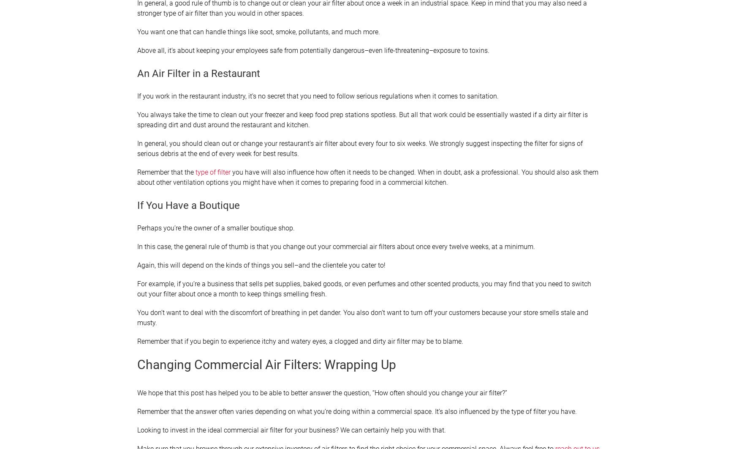  Describe the element at coordinates (364, 289) in the screenshot. I see `'For example, if you’re a business that sells pet supplies, baked goods, or even perfumes and other scented products, you may find that you need to switch out your filter about once a month to keep things smelling fresh.'` at that location.